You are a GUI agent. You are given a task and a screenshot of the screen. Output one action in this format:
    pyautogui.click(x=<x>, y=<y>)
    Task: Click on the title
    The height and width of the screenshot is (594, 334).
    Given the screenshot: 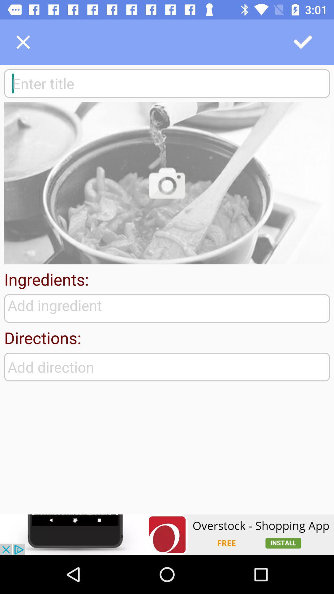 What is the action you would take?
    pyautogui.click(x=167, y=83)
    